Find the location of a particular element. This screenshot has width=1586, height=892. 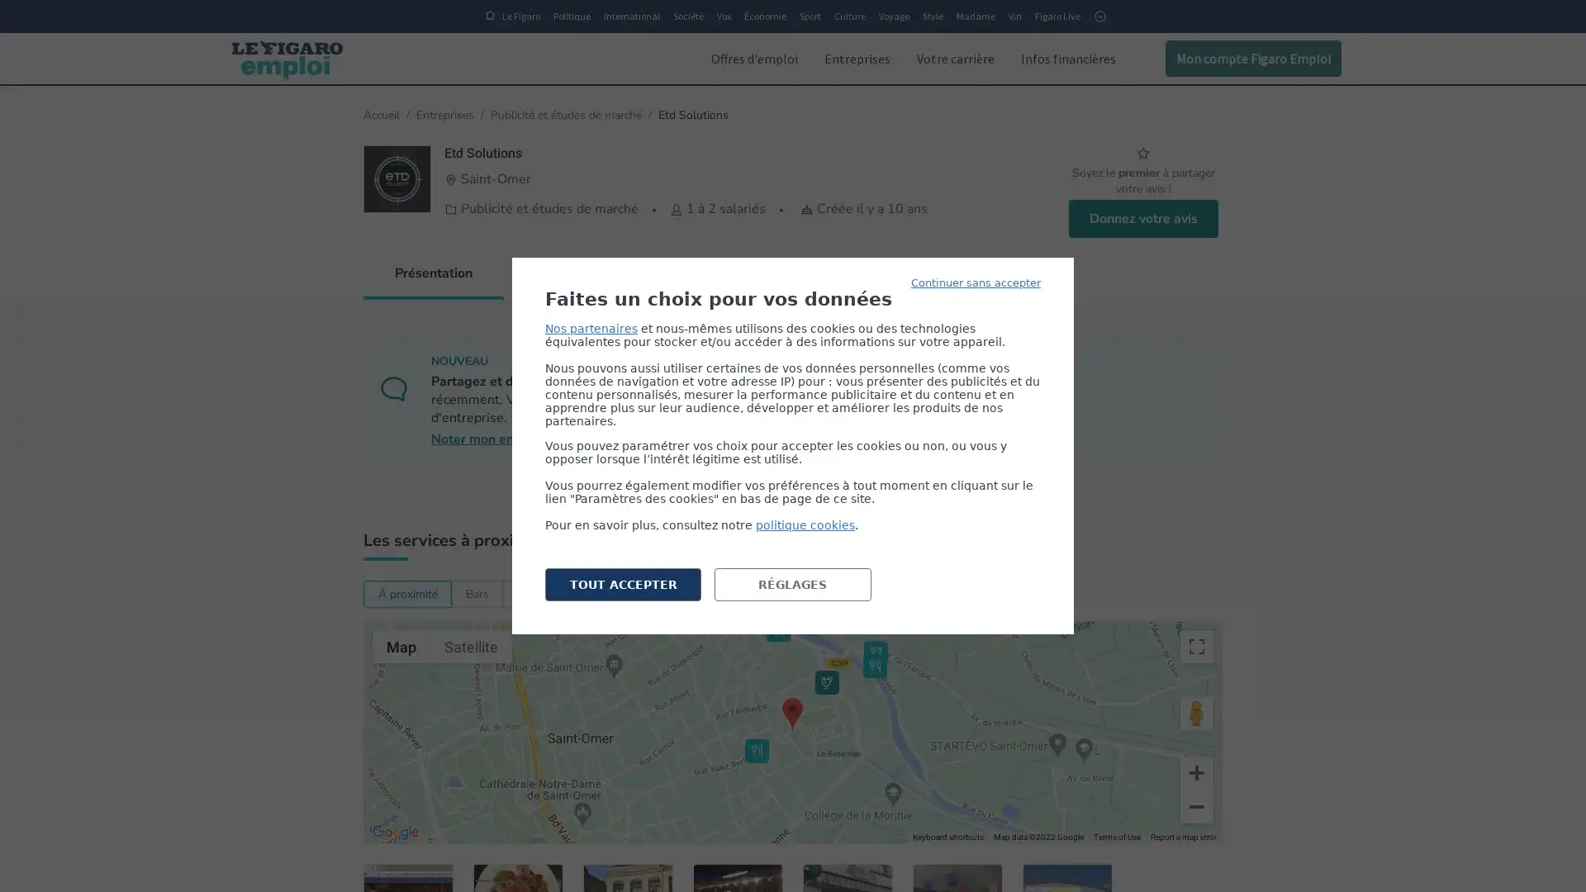

Brasserie Chic O Rail is located at coordinates (875, 652).